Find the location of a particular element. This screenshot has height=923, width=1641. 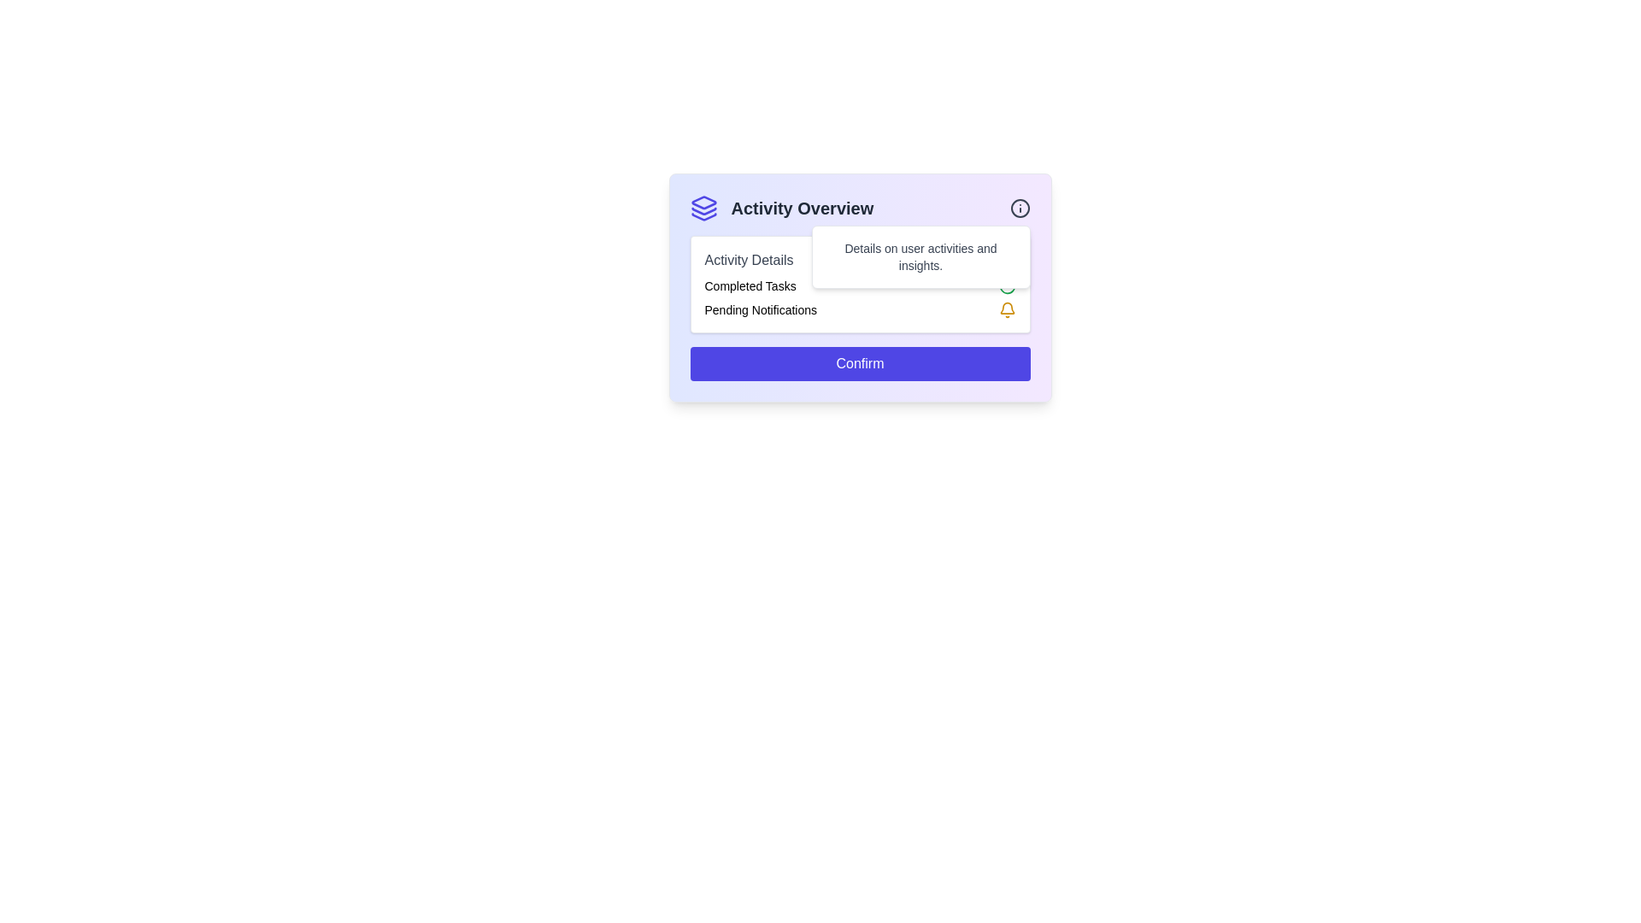

the grouped information display for user task statuses, which includes 'Completed Tasks' and 'Pending Notifications' within the 'Activity Details' box is located at coordinates (860, 297).